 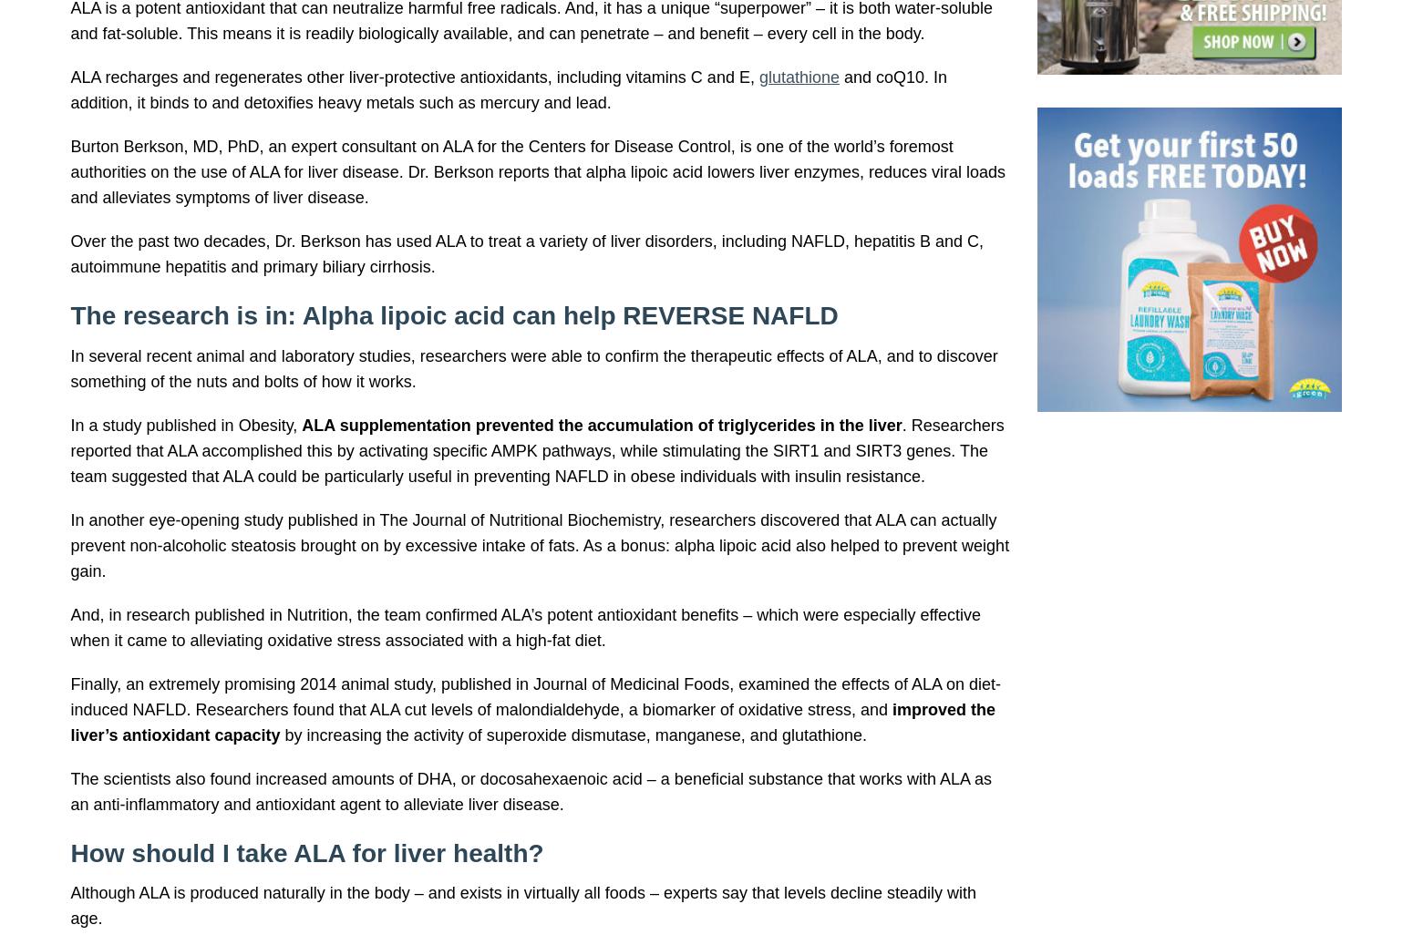 What do you see at coordinates (285, 66) in the screenshot?
I see `'Rena'` at bounding box center [285, 66].